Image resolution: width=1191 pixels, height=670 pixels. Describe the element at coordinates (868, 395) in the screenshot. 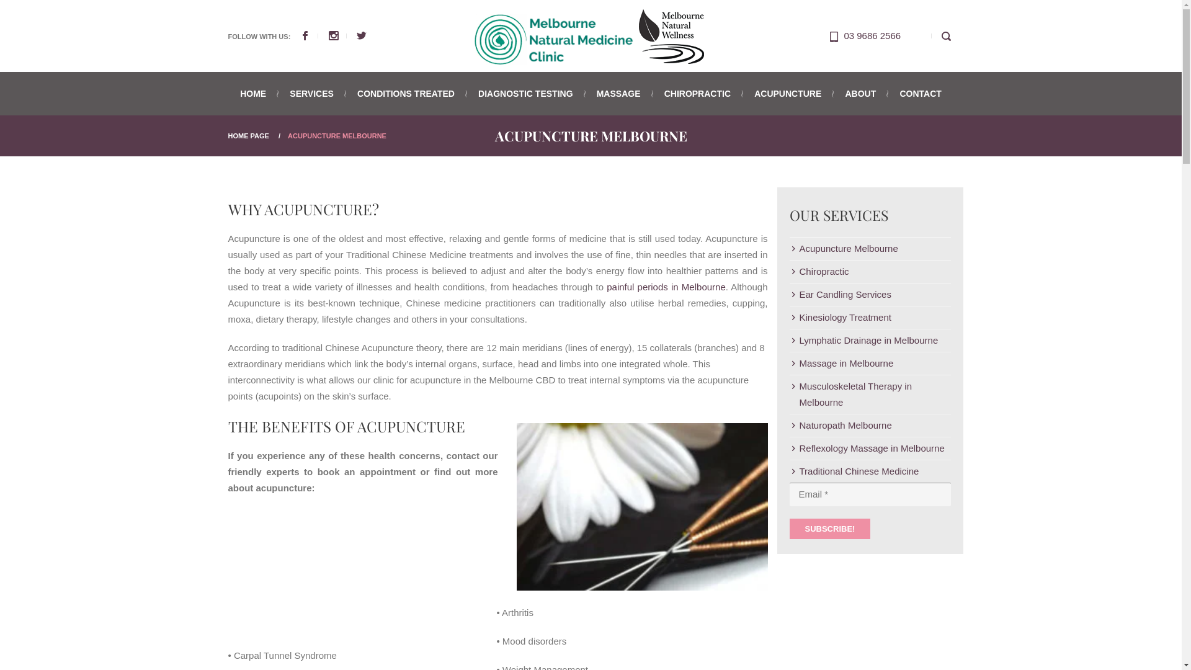

I see `'Musculoskeletal Therapy in Melbourne'` at that location.